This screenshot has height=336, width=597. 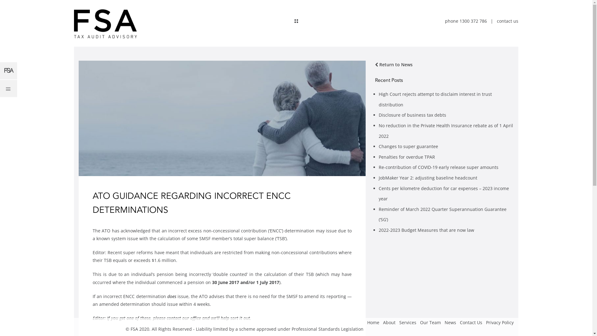 What do you see at coordinates (393, 64) in the screenshot?
I see `'Return to News'` at bounding box center [393, 64].